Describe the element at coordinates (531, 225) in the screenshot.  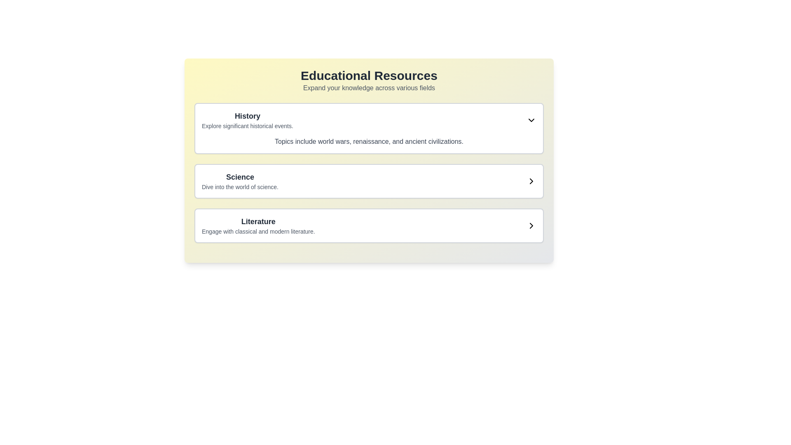
I see `the icon-based button located at the far-right side of the 'Literature' section` at that location.